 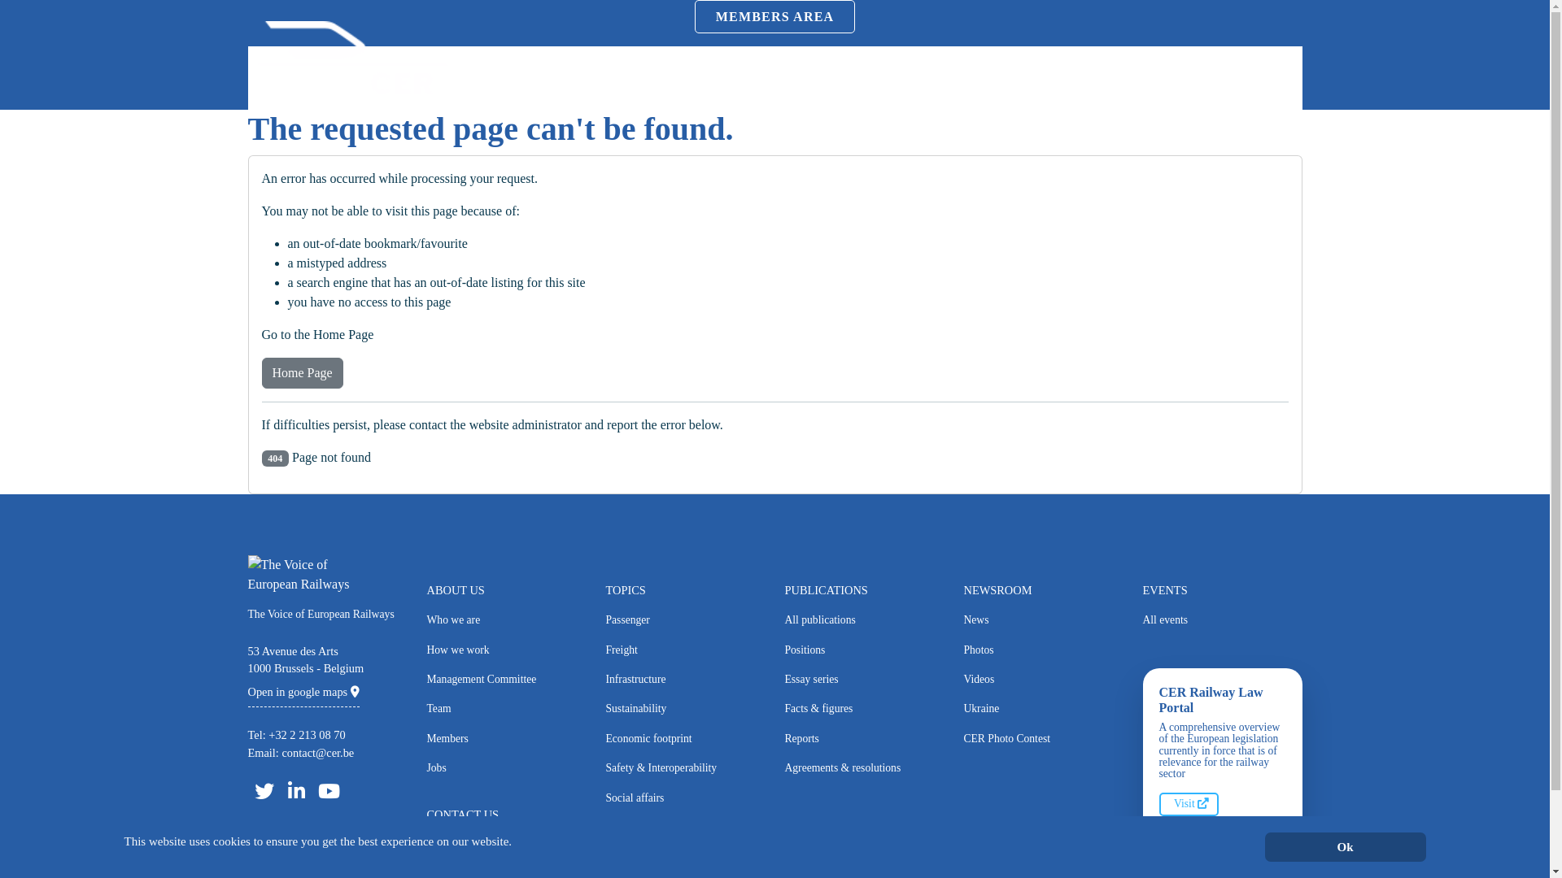 I want to click on 'Photos', so click(x=963, y=649).